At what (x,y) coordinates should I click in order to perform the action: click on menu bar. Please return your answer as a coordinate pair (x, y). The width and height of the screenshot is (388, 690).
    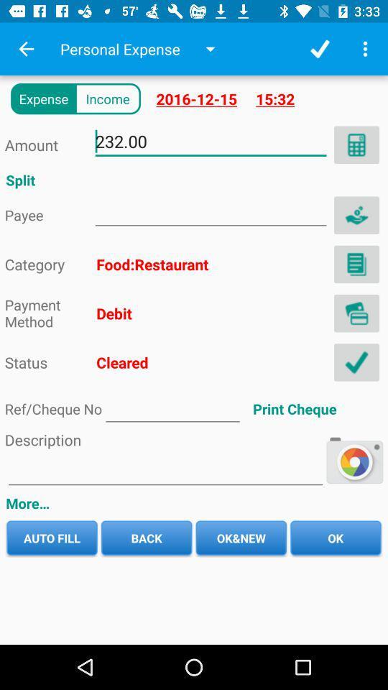
    Looking at the image, I should click on (365, 49).